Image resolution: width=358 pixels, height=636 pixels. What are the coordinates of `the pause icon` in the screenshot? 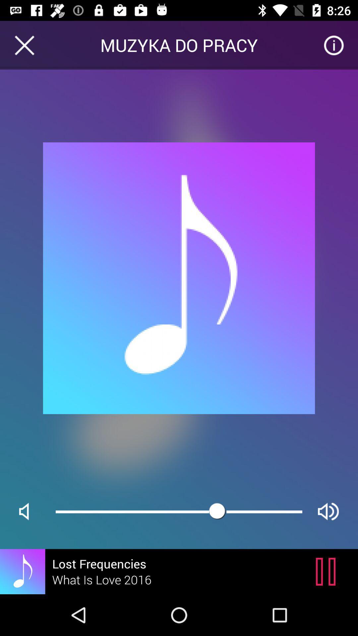 It's located at (327, 571).